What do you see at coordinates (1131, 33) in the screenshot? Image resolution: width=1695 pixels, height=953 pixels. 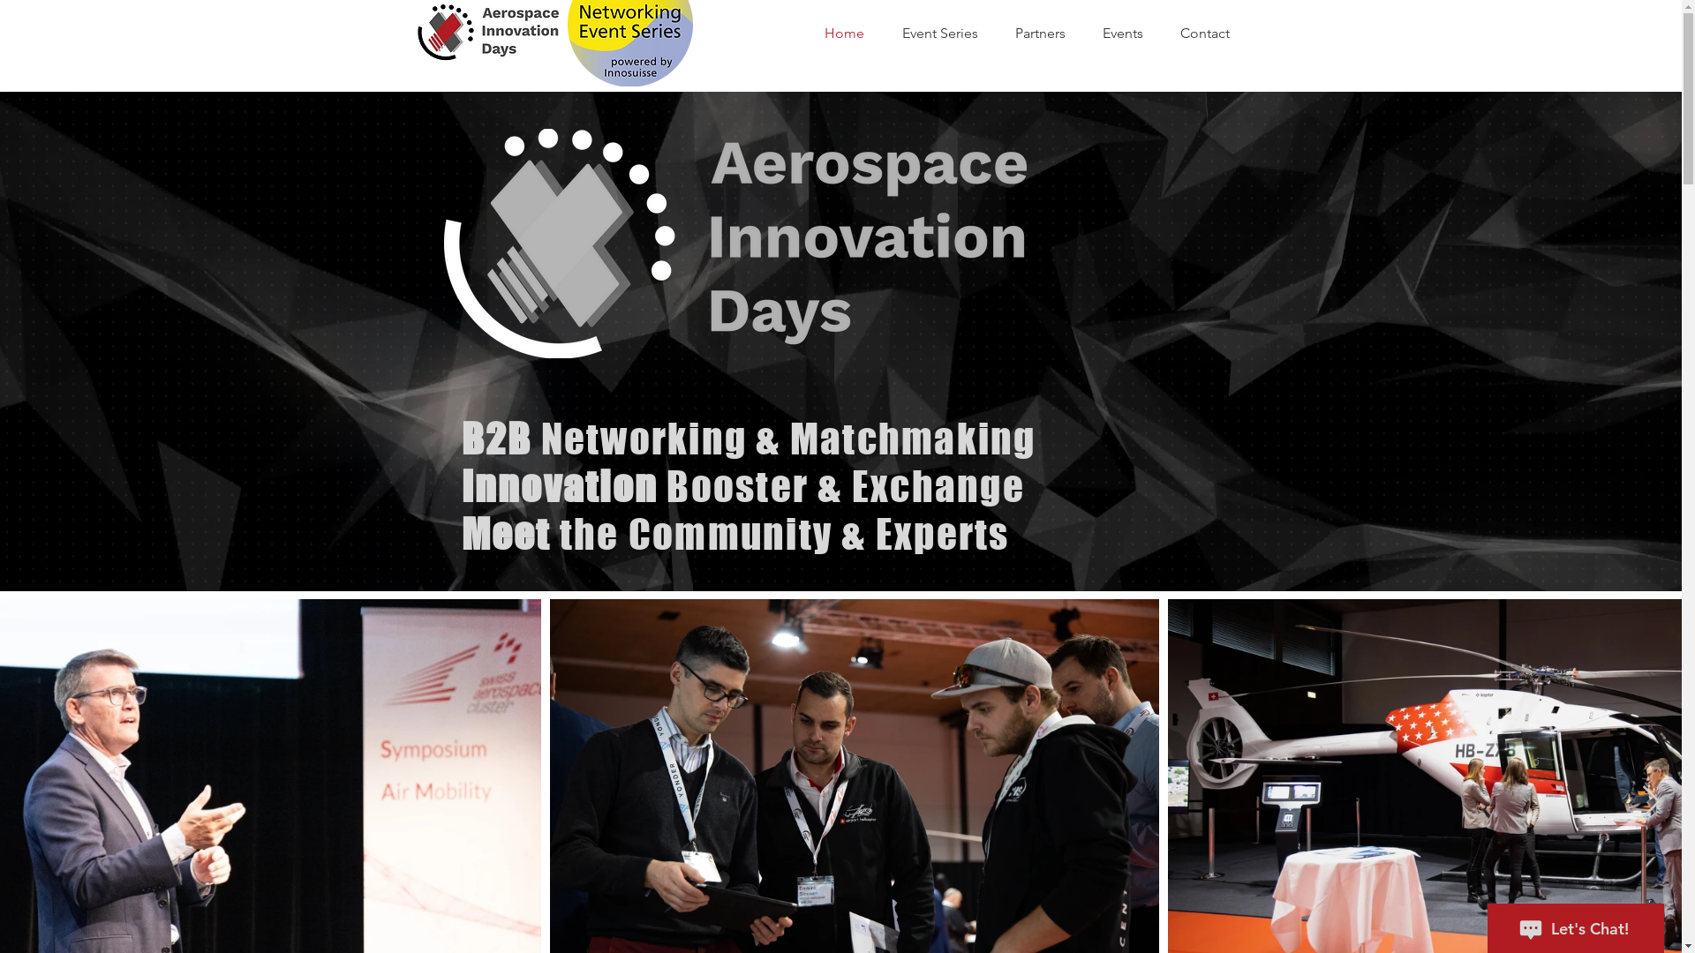 I see `'Events'` at bounding box center [1131, 33].